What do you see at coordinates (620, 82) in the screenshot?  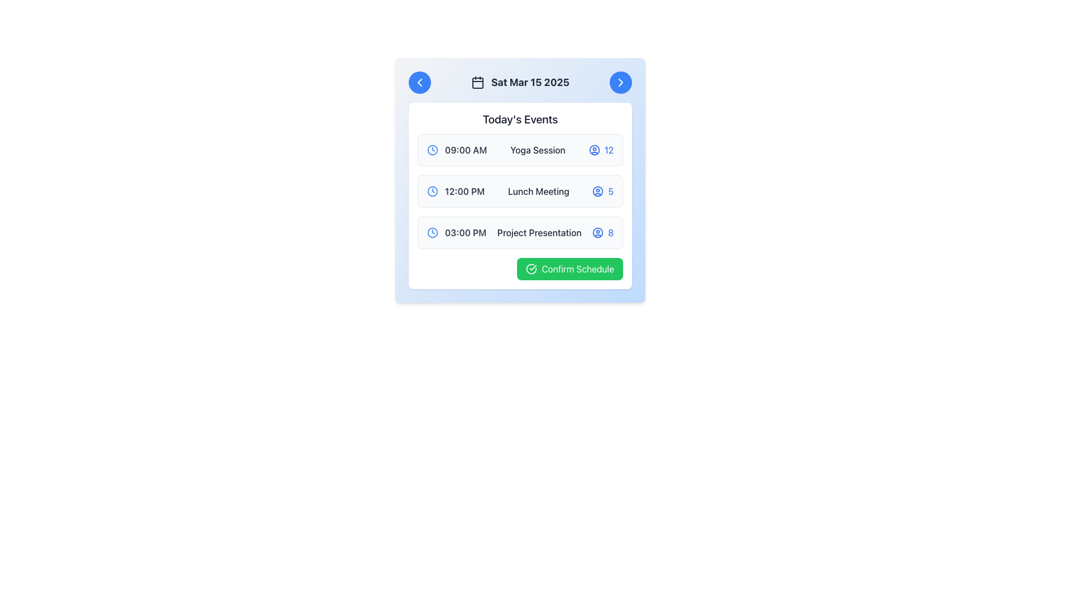 I see `the right-pointing chevron icon located in the top-right corner of the card interface to trigger a tooltip or visual effect` at bounding box center [620, 82].